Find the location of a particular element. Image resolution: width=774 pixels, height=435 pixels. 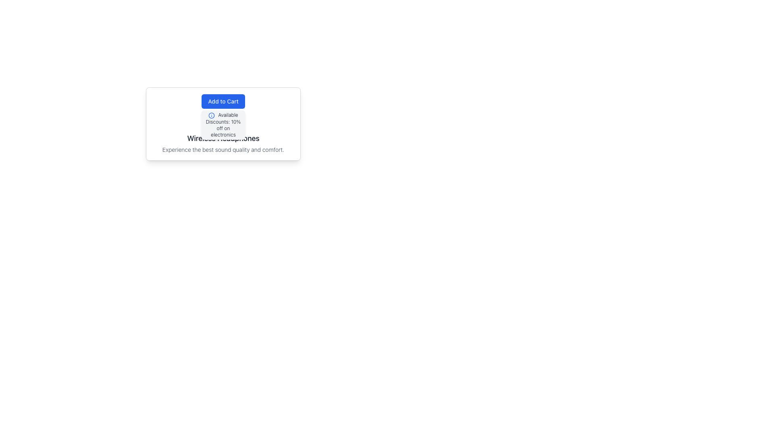

the circular information icon with a blue border and blue symbol located in the tooltip beneath the 'Add to Cart' button is located at coordinates (211, 115).